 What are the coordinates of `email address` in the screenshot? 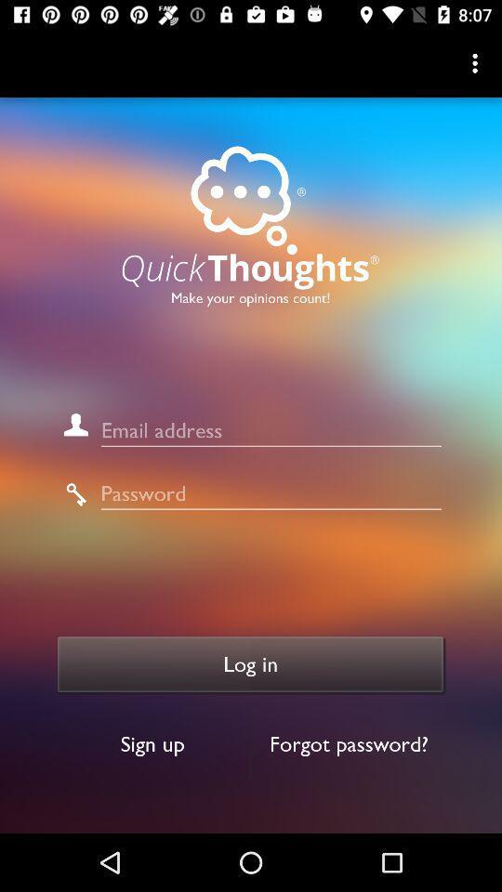 It's located at (270, 430).